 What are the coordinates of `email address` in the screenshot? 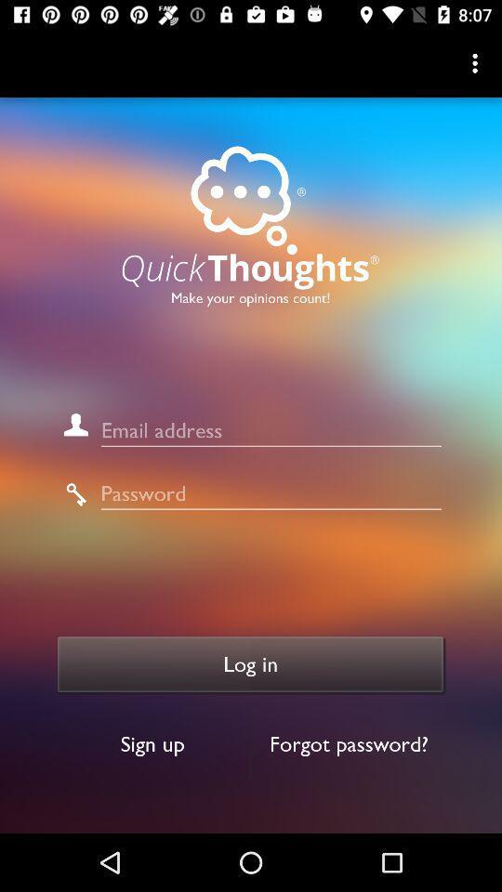 It's located at (270, 430).